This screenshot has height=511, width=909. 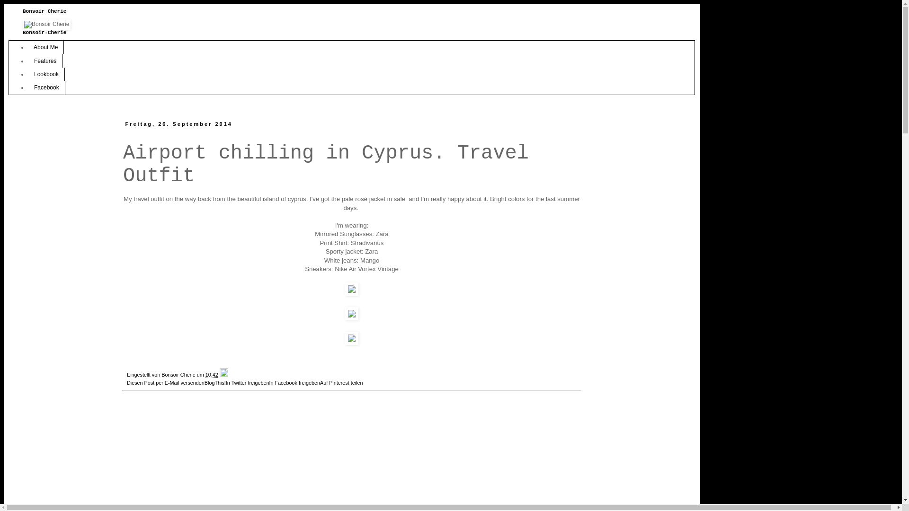 What do you see at coordinates (45, 74) in the screenshot?
I see `'Lookbook'` at bounding box center [45, 74].